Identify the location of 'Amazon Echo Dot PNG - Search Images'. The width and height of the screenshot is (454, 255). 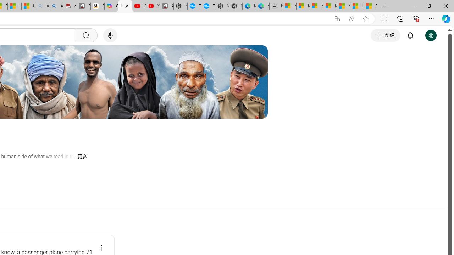
(56, 6).